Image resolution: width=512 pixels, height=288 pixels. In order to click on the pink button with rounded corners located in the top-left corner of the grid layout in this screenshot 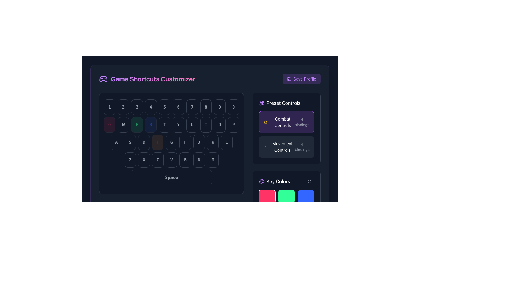, I will do `click(267, 196)`.